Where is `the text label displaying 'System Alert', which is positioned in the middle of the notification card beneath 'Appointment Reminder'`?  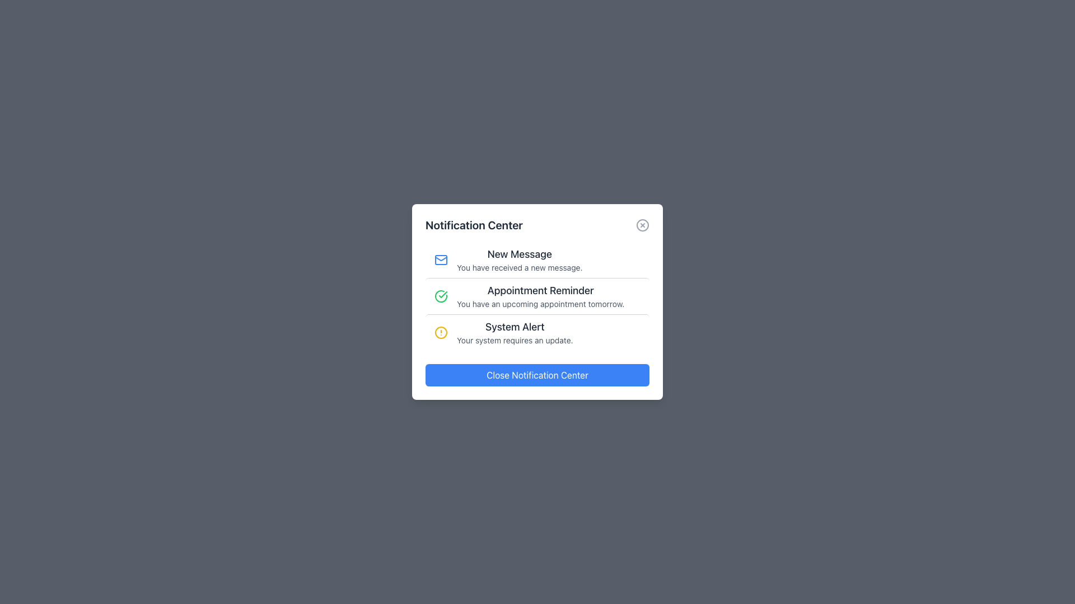 the text label displaying 'System Alert', which is positioned in the middle of the notification card beneath 'Appointment Reminder' is located at coordinates (514, 327).